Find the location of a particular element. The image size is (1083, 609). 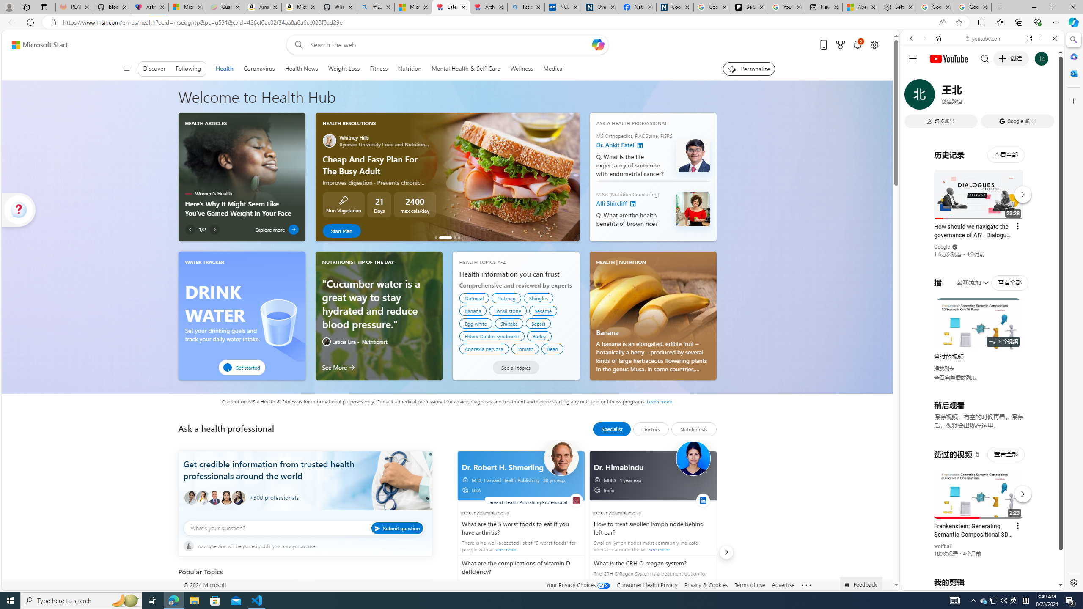

'Microsoft rewards' is located at coordinates (840, 45).